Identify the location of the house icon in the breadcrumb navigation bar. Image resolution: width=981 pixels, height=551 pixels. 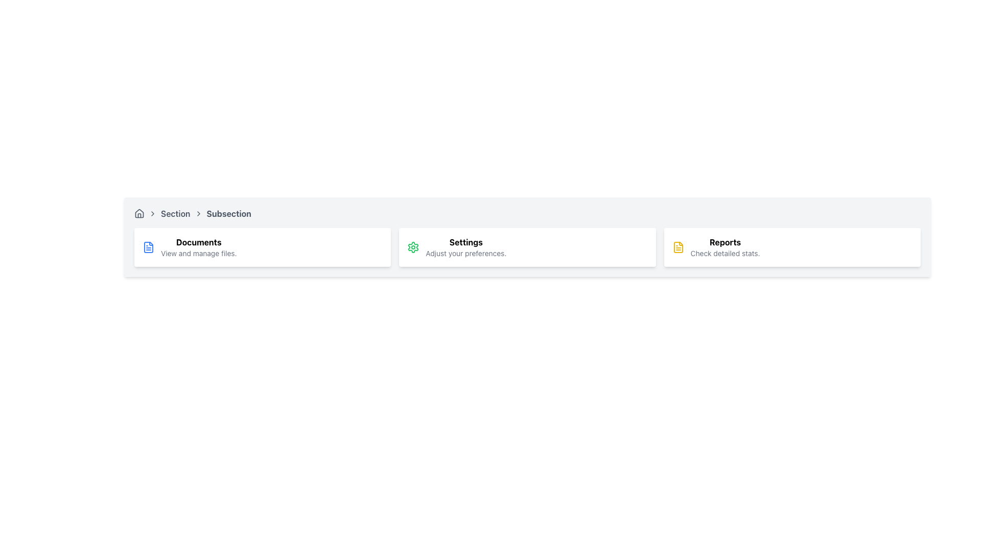
(139, 212).